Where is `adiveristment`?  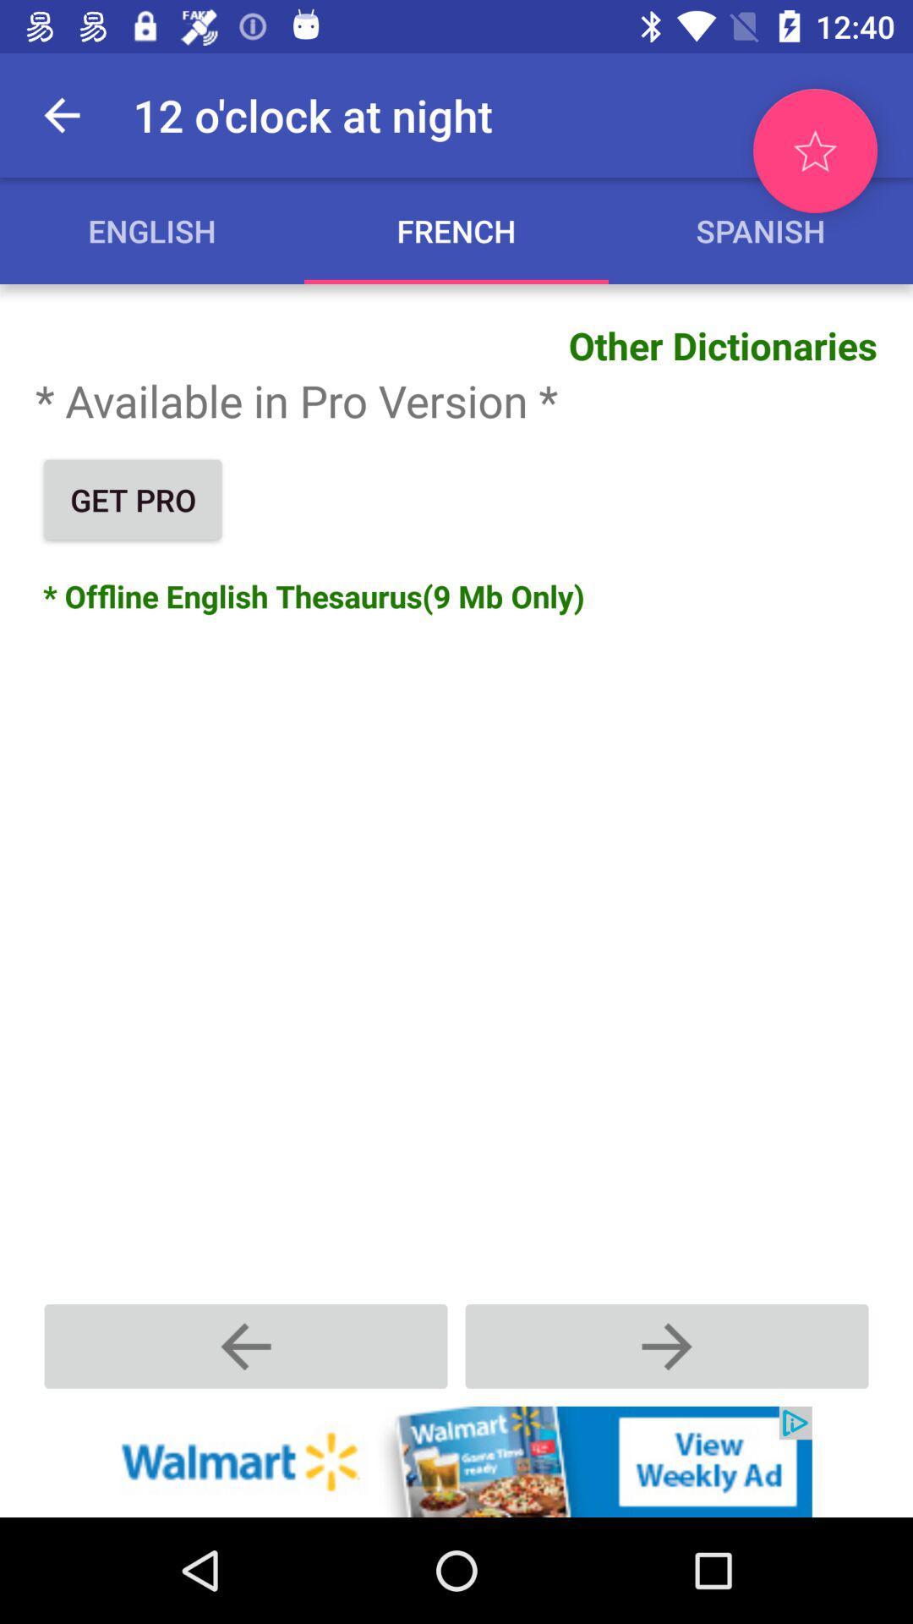
adiveristment is located at coordinates (456, 1461).